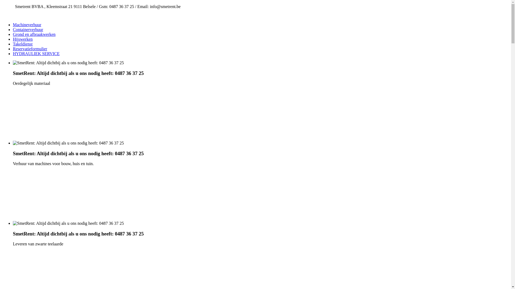 This screenshot has height=289, width=515. I want to click on 'Takeldienst', so click(23, 44).